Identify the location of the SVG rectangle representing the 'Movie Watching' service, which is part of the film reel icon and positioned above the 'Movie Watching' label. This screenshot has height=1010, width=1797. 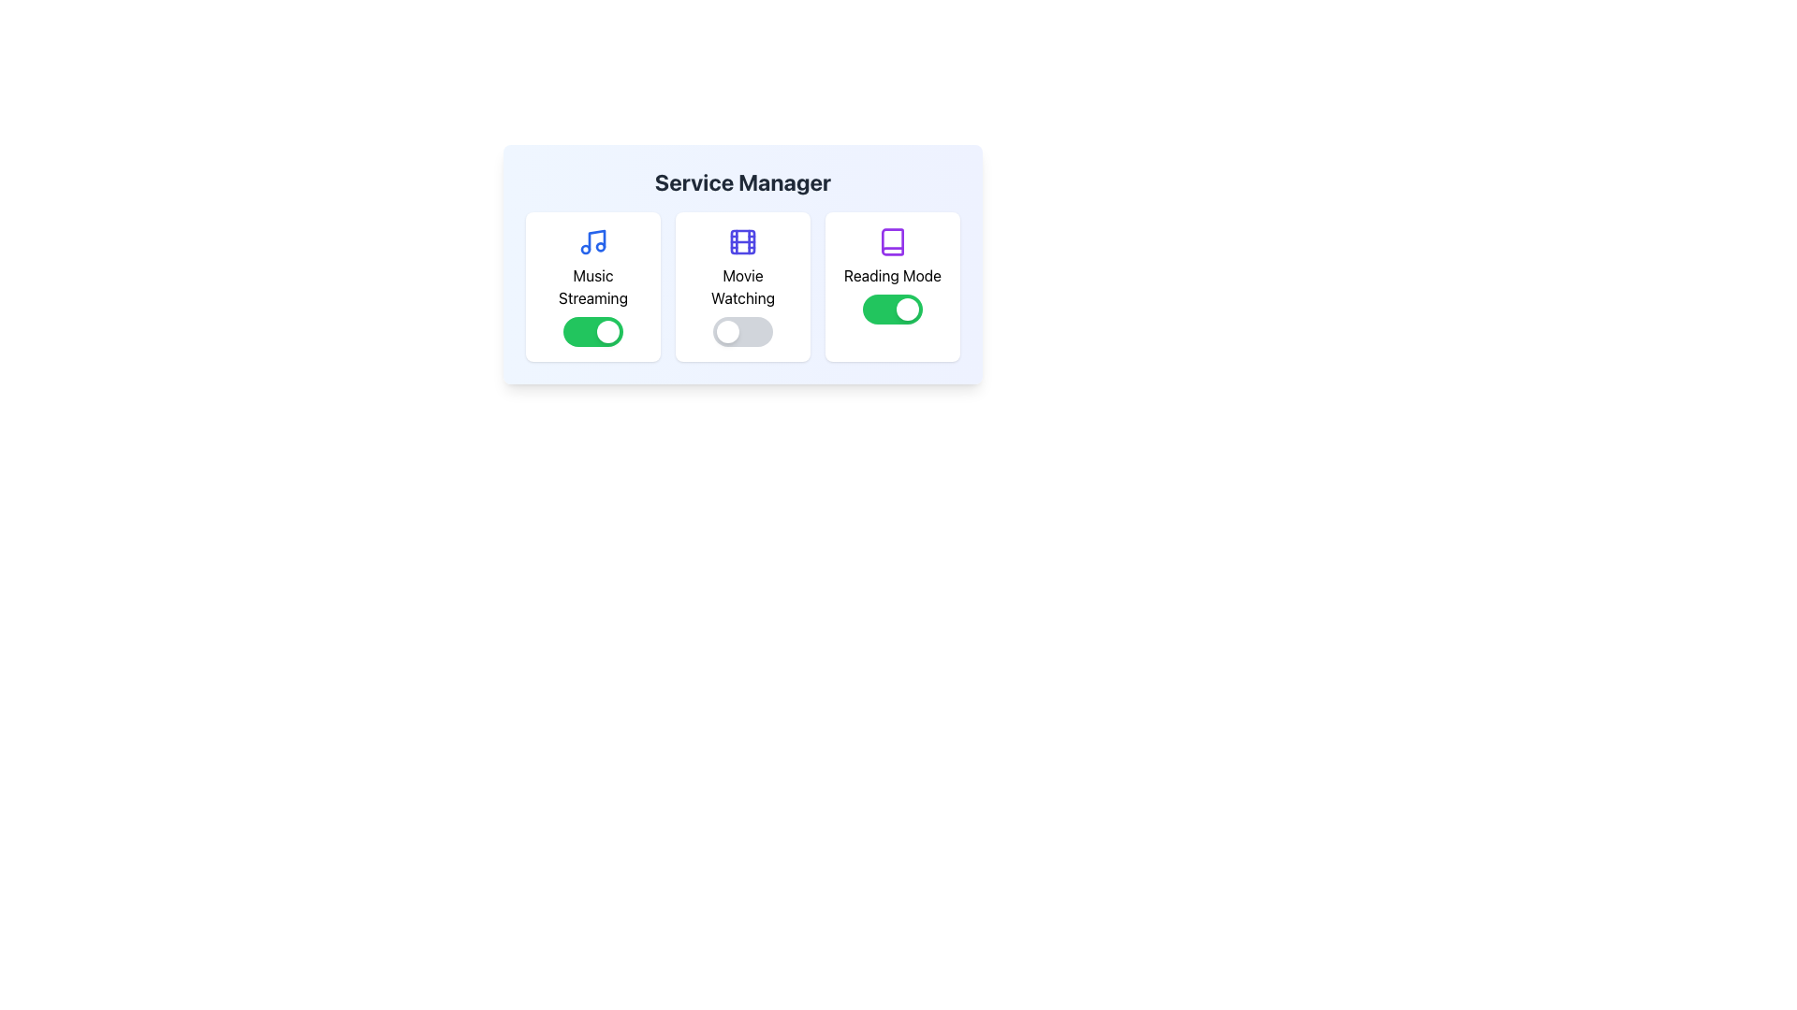
(741, 240).